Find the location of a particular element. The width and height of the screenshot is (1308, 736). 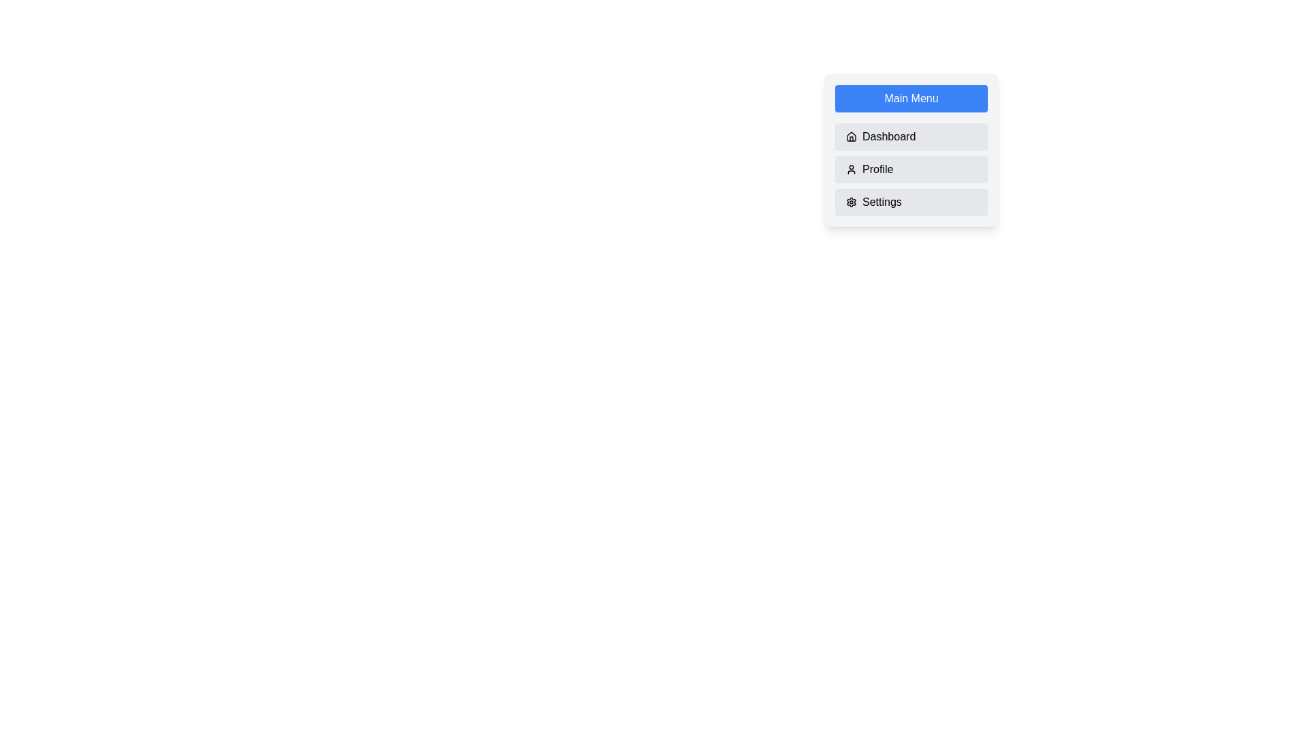

the menu item Settings to observe its hover effect is located at coordinates (912, 202).